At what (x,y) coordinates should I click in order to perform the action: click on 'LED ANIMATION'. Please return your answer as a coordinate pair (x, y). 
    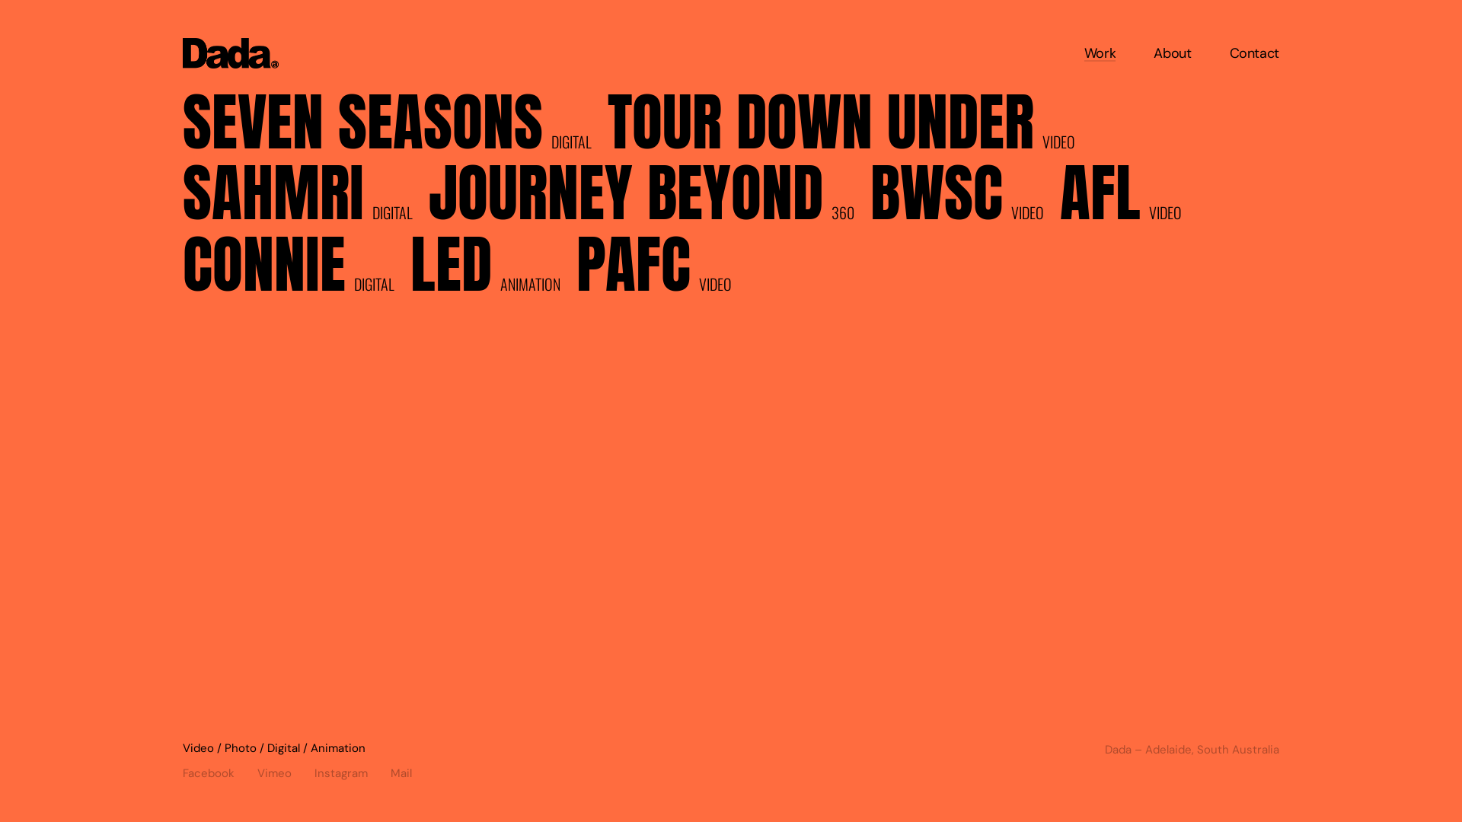
    Looking at the image, I should click on (493, 269).